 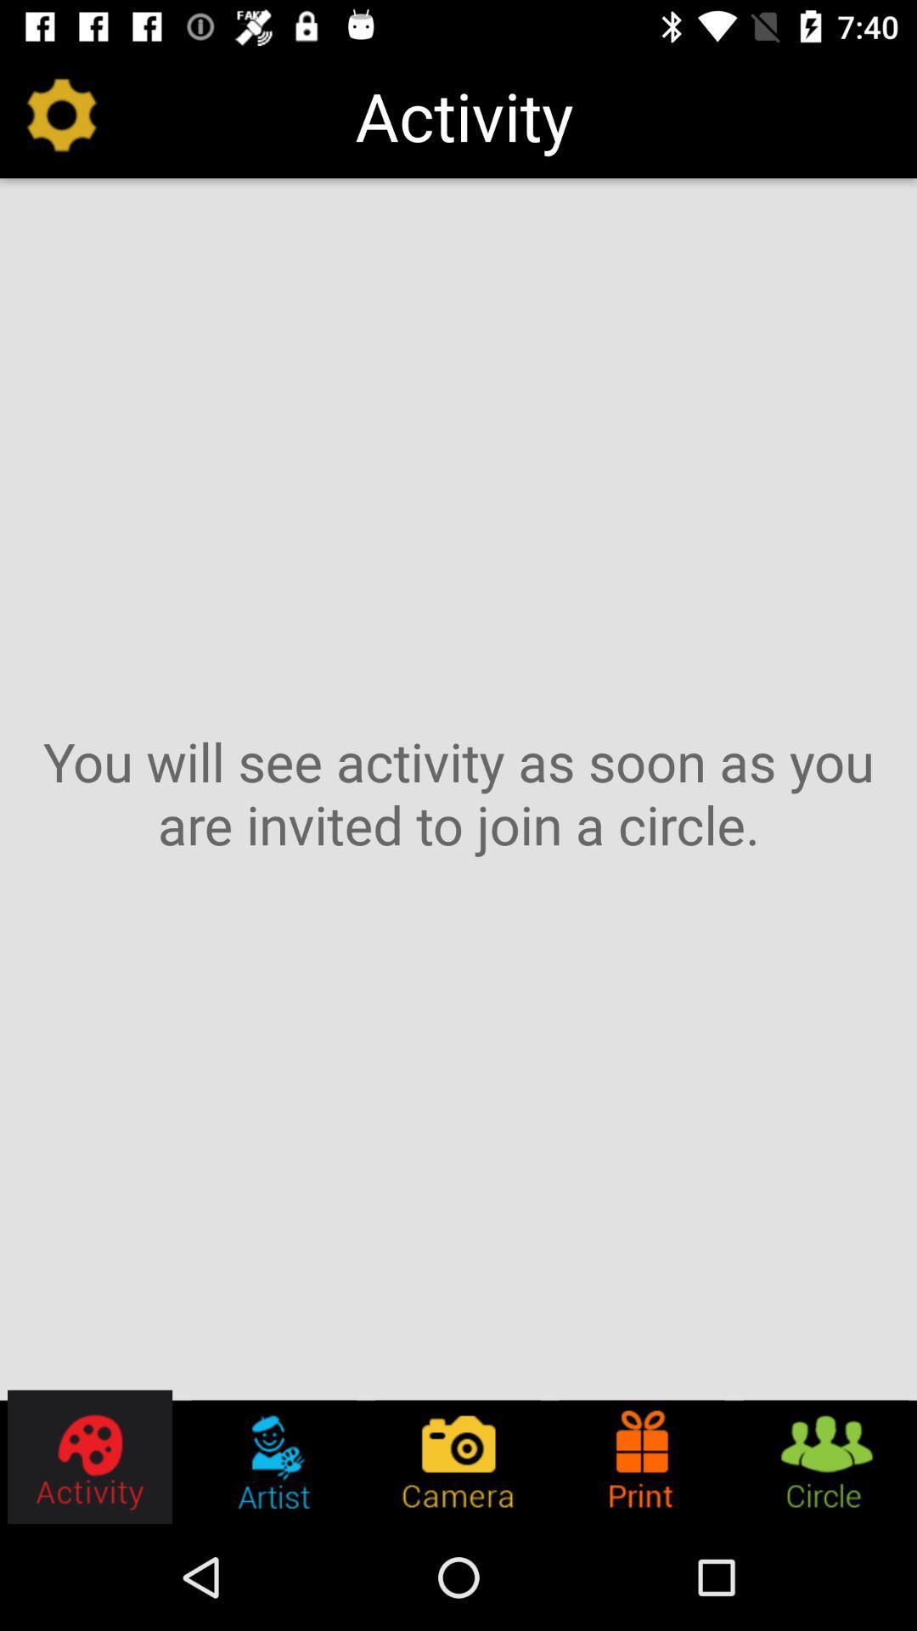 What do you see at coordinates (273, 1456) in the screenshot?
I see `the item below you will see` at bounding box center [273, 1456].